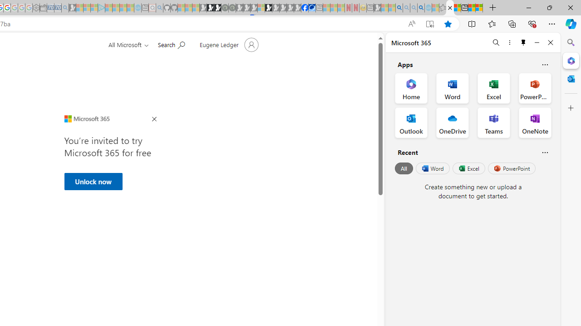 The height and width of the screenshot is (326, 581). I want to click on 'Play Zoo Boom in your browser | Games from Microsoft Start', so click(210, 8).